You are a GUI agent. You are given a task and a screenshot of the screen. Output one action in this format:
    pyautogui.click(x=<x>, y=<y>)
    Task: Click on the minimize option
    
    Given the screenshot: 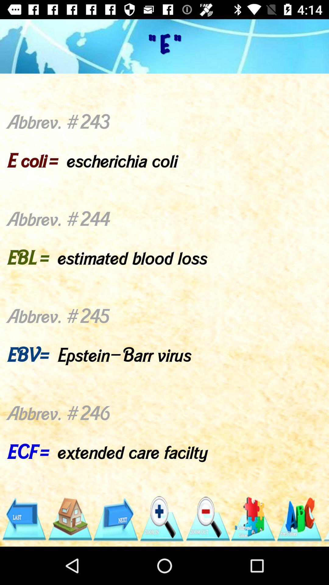 What is the action you would take?
    pyautogui.click(x=207, y=519)
    